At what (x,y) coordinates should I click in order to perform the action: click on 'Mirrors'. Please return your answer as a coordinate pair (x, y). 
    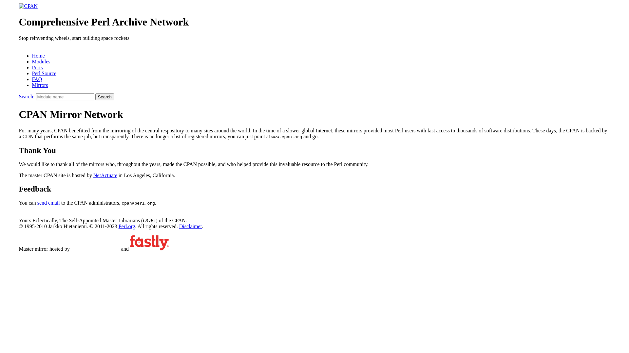
    Looking at the image, I should click on (40, 85).